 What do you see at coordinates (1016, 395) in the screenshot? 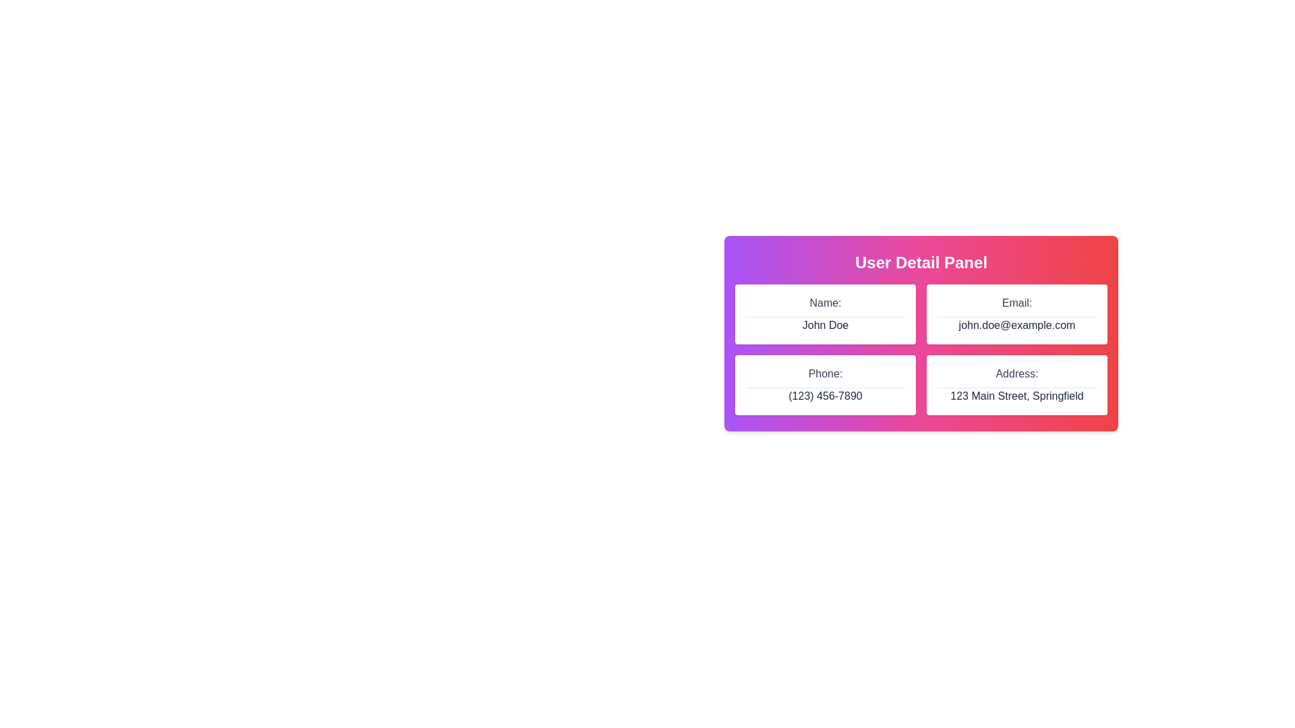
I see `the text display element showing '123 Main Street, Springfield', located below the 'Address:' label in the User Detail Panel` at bounding box center [1016, 395].